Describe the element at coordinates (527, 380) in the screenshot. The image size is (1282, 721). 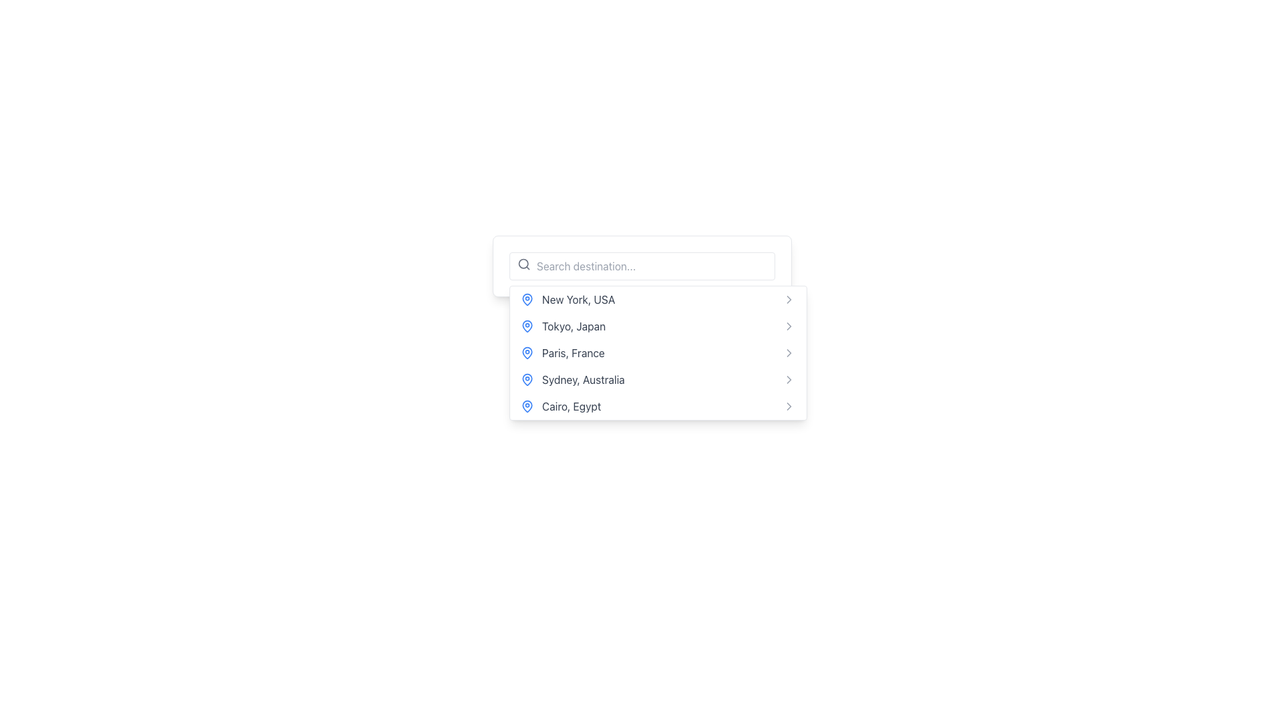
I see `the blue map pin icon located adjacent to the text 'Sydney, Australia' in the fourth item of the vertical menu list within the dropdown component` at that location.